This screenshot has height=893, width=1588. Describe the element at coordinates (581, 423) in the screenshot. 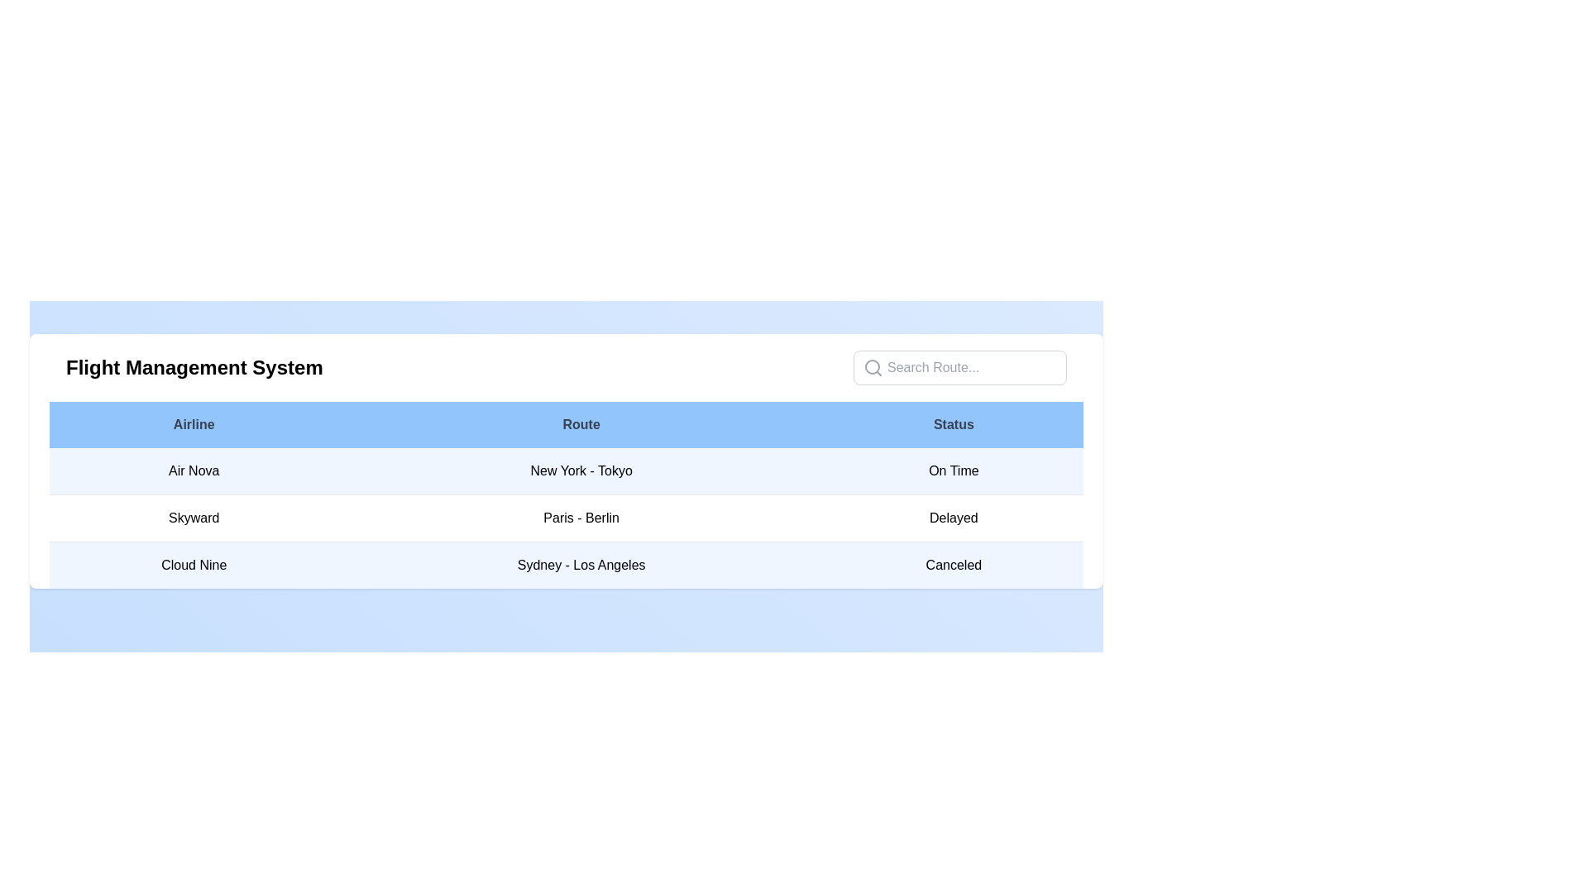

I see `the static text label that serves as a header for the routes column in the table, positioned between the 'Airline' and 'Status' labels` at that location.